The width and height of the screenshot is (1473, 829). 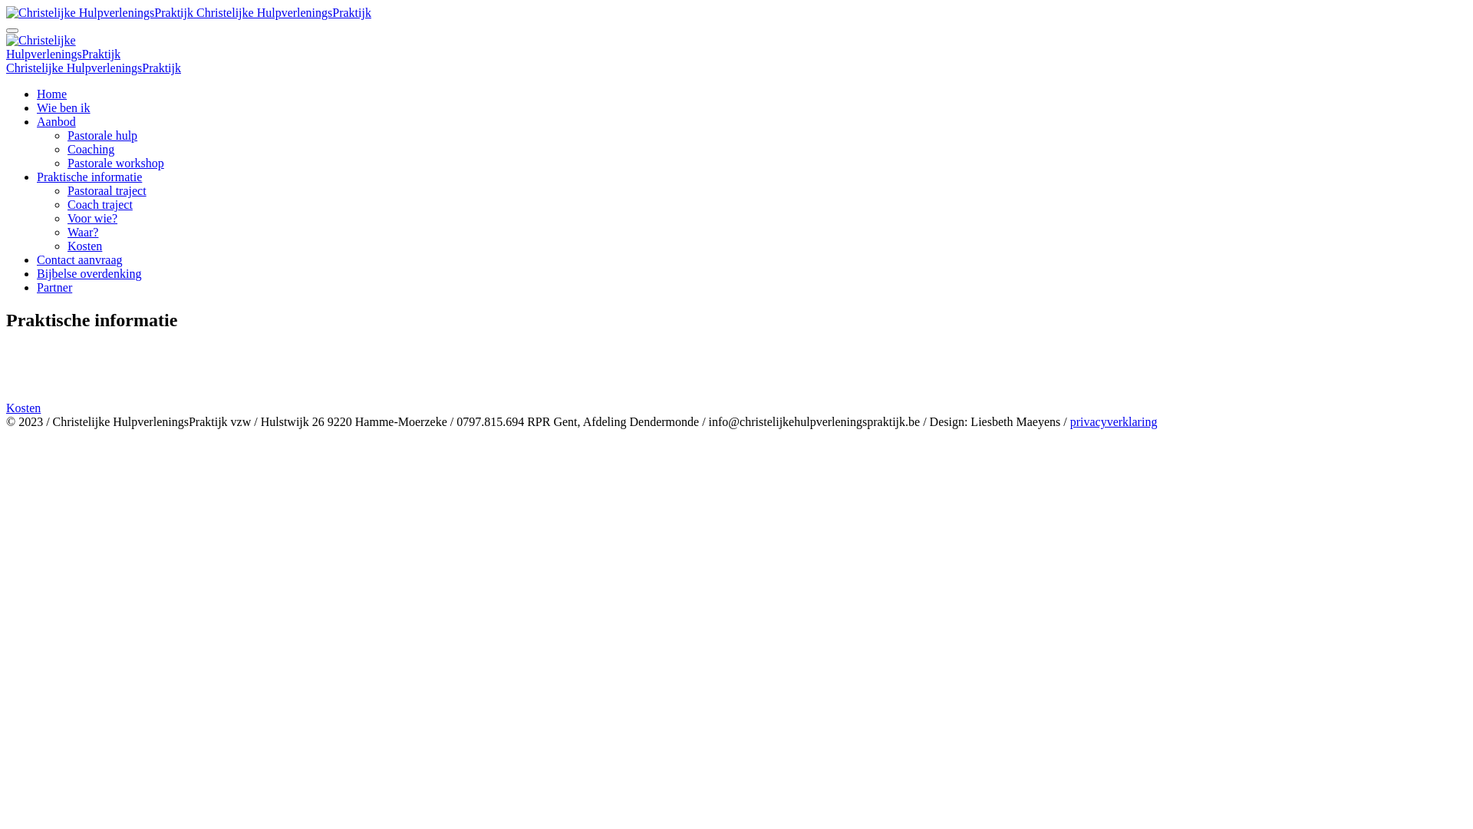 What do you see at coordinates (736, 367) in the screenshot?
I see `'Coach traject'` at bounding box center [736, 367].